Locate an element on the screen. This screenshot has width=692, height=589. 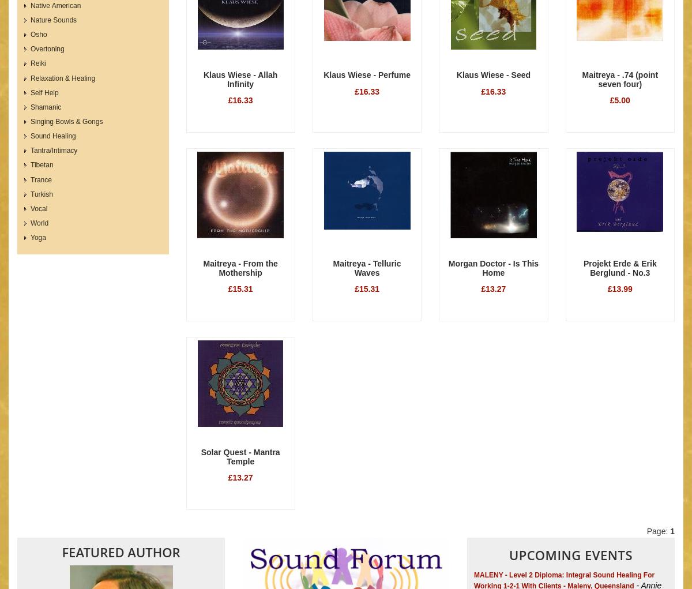
'Sound Healing' is located at coordinates (53, 136).